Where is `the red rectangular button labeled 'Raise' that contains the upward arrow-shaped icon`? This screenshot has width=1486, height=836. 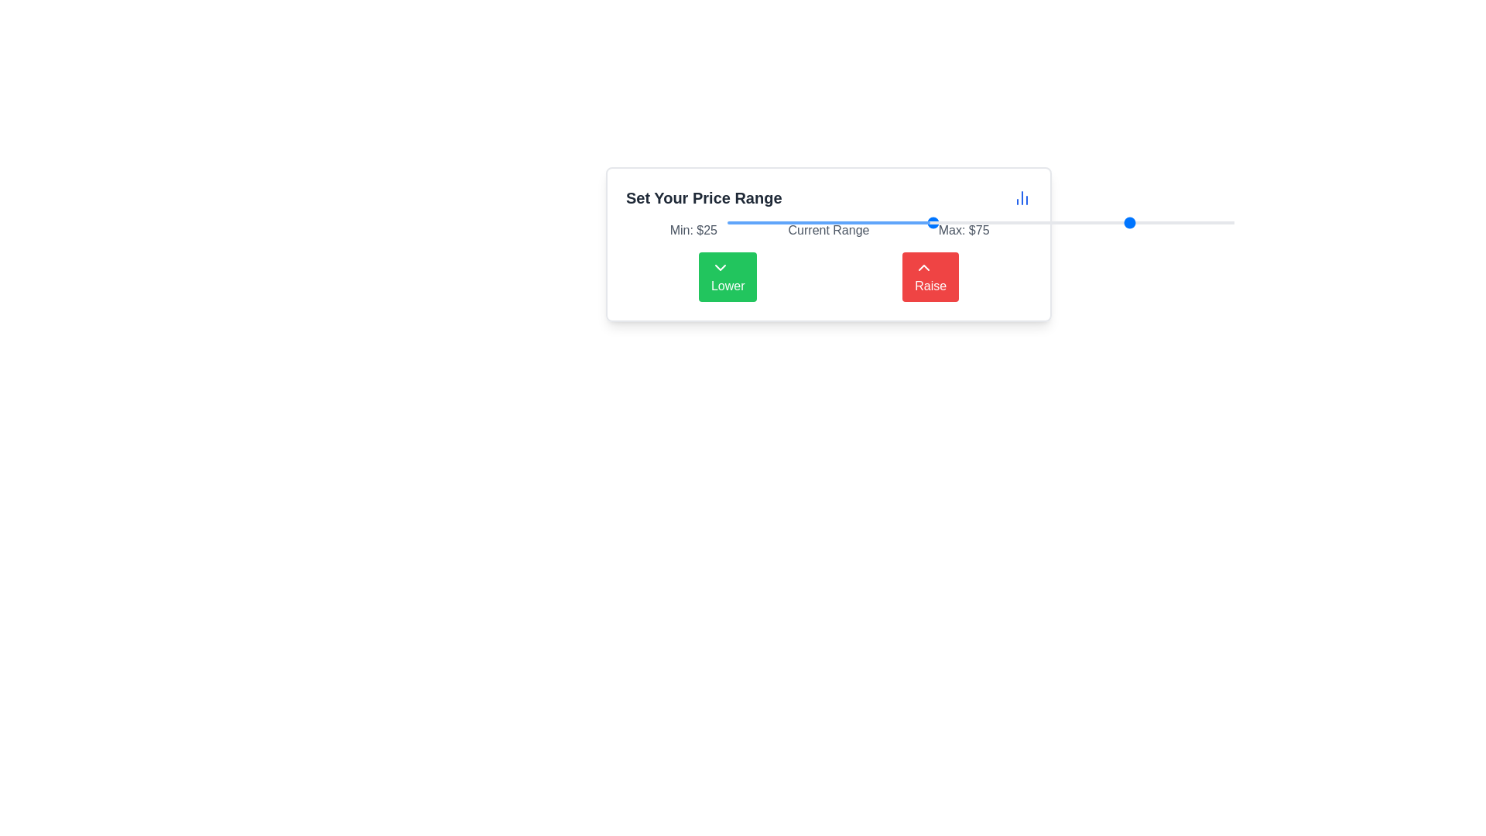
the red rectangular button labeled 'Raise' that contains the upward arrow-shaped icon is located at coordinates (924, 267).